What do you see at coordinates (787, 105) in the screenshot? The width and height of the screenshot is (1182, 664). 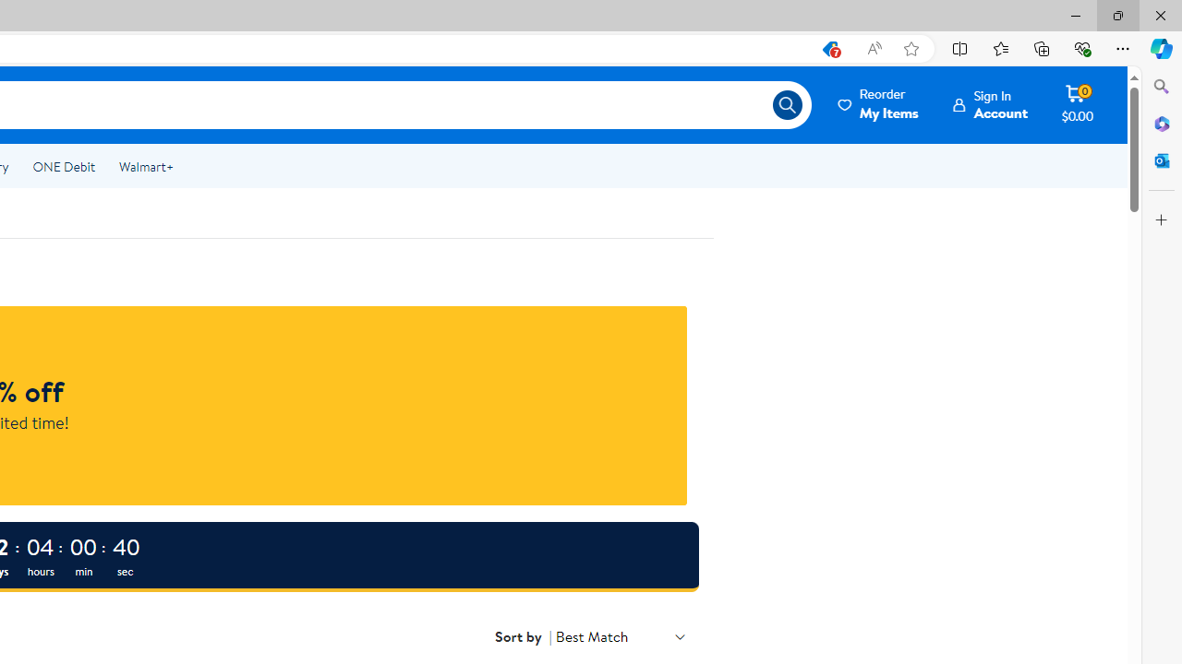 I see `'Search icon'` at bounding box center [787, 105].